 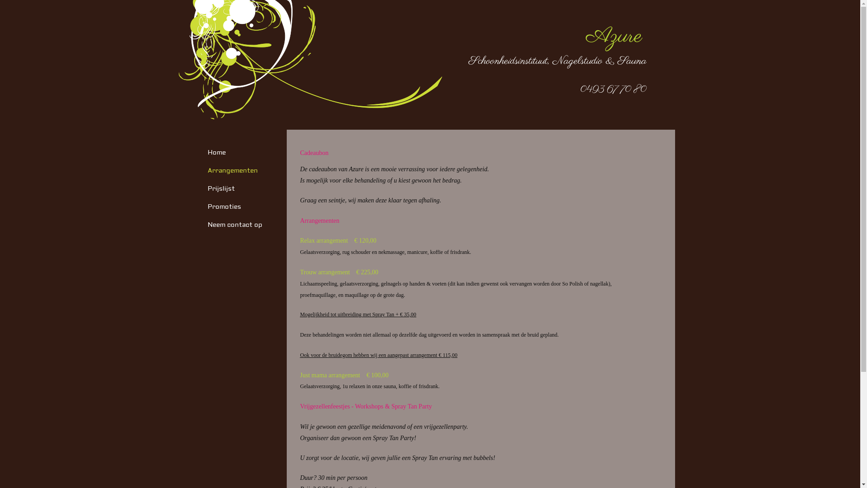 I want to click on 'Home', so click(x=217, y=152).